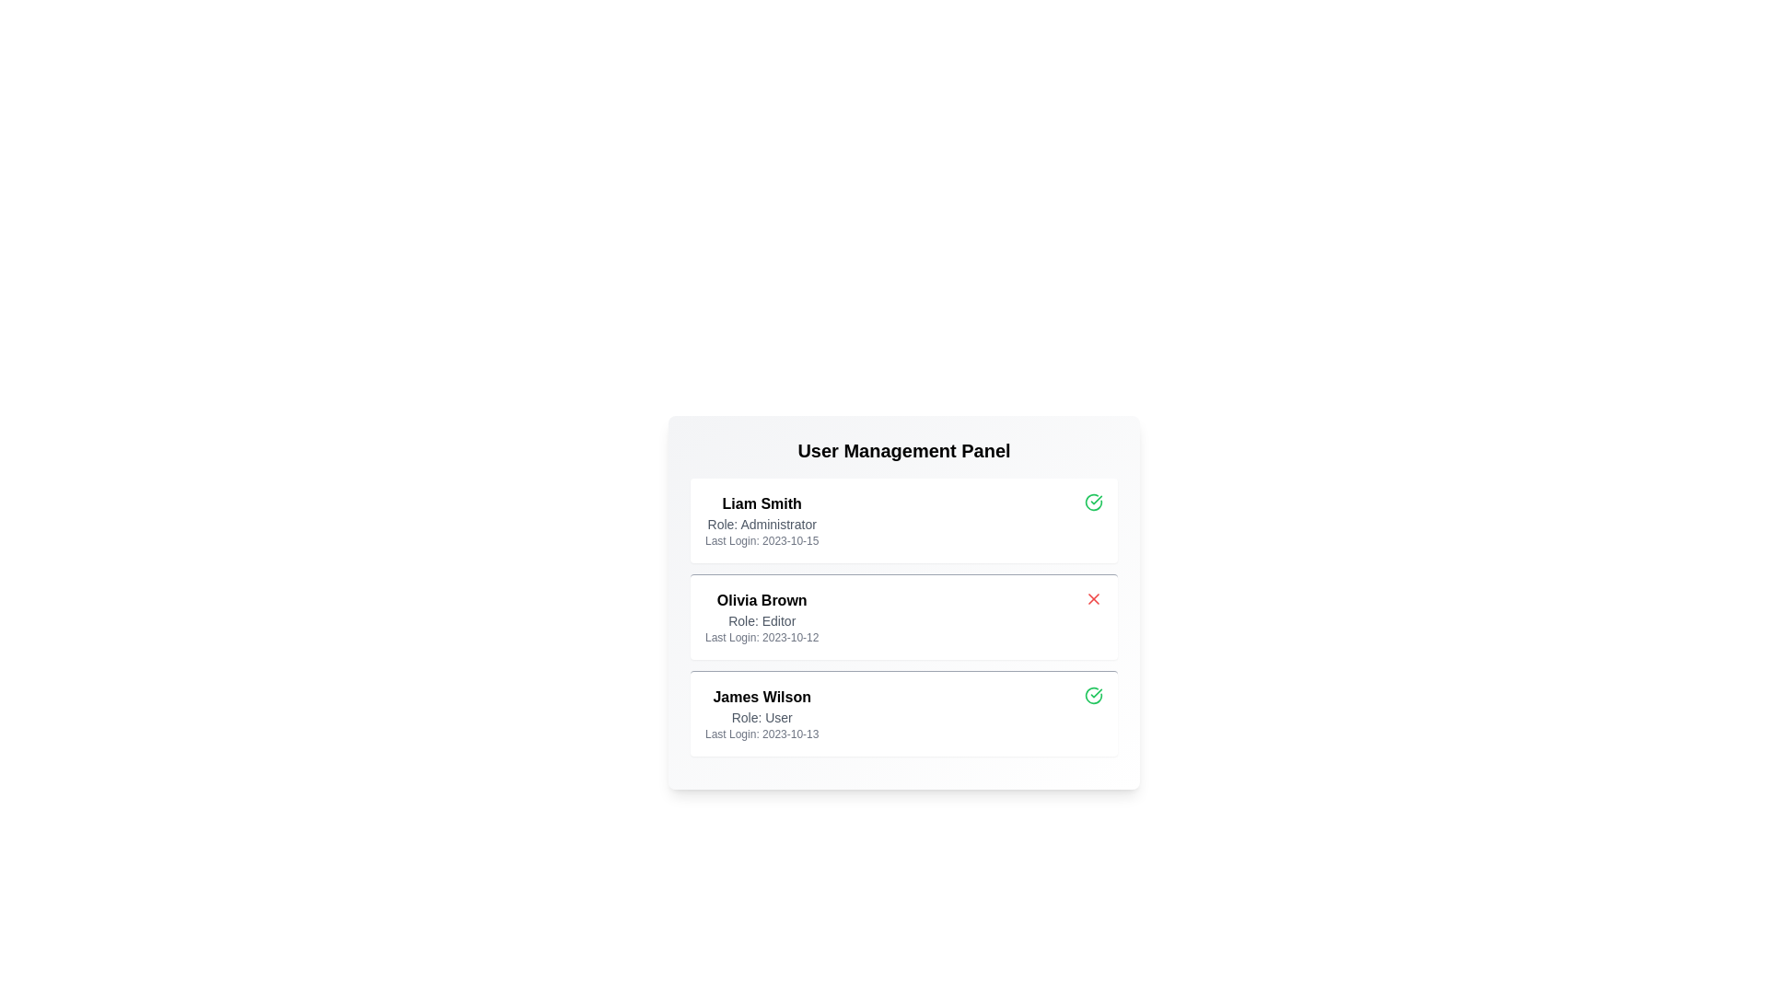 This screenshot has height=994, width=1768. Describe the element at coordinates (1094, 696) in the screenshot. I see `the status icon for James Wilson` at that location.